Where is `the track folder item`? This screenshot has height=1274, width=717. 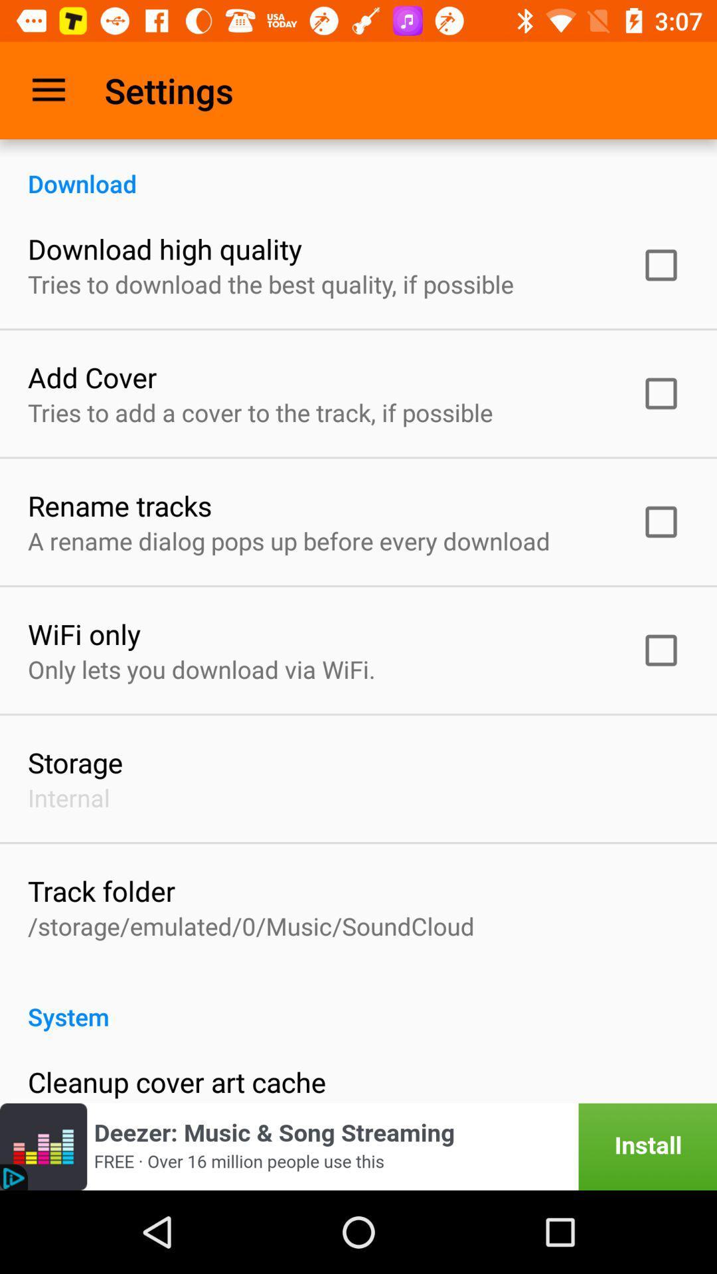 the track folder item is located at coordinates (101, 890).